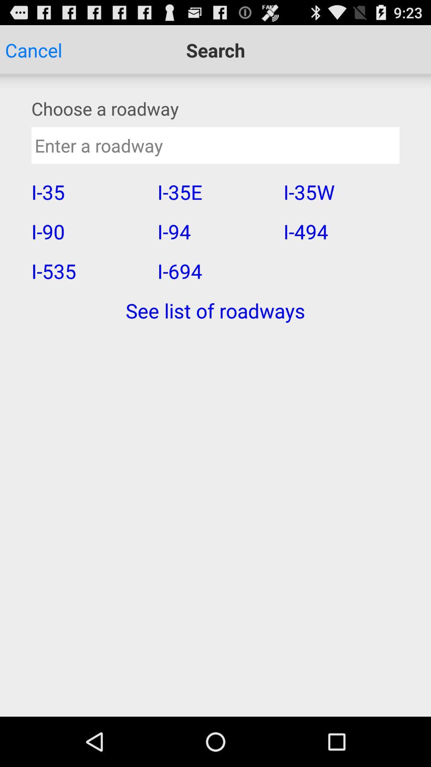 The width and height of the screenshot is (431, 767). What do you see at coordinates (341, 231) in the screenshot?
I see `i-494 icon` at bounding box center [341, 231].